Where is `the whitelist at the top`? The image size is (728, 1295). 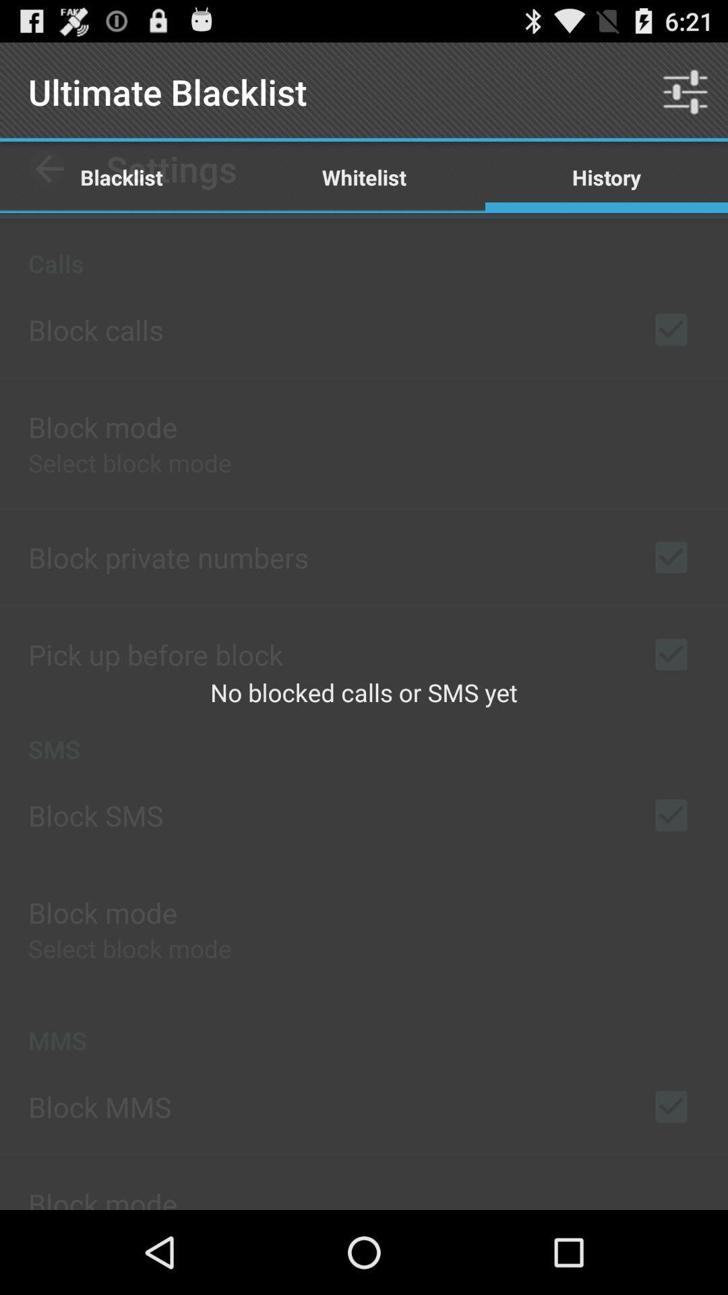
the whitelist at the top is located at coordinates (364, 176).